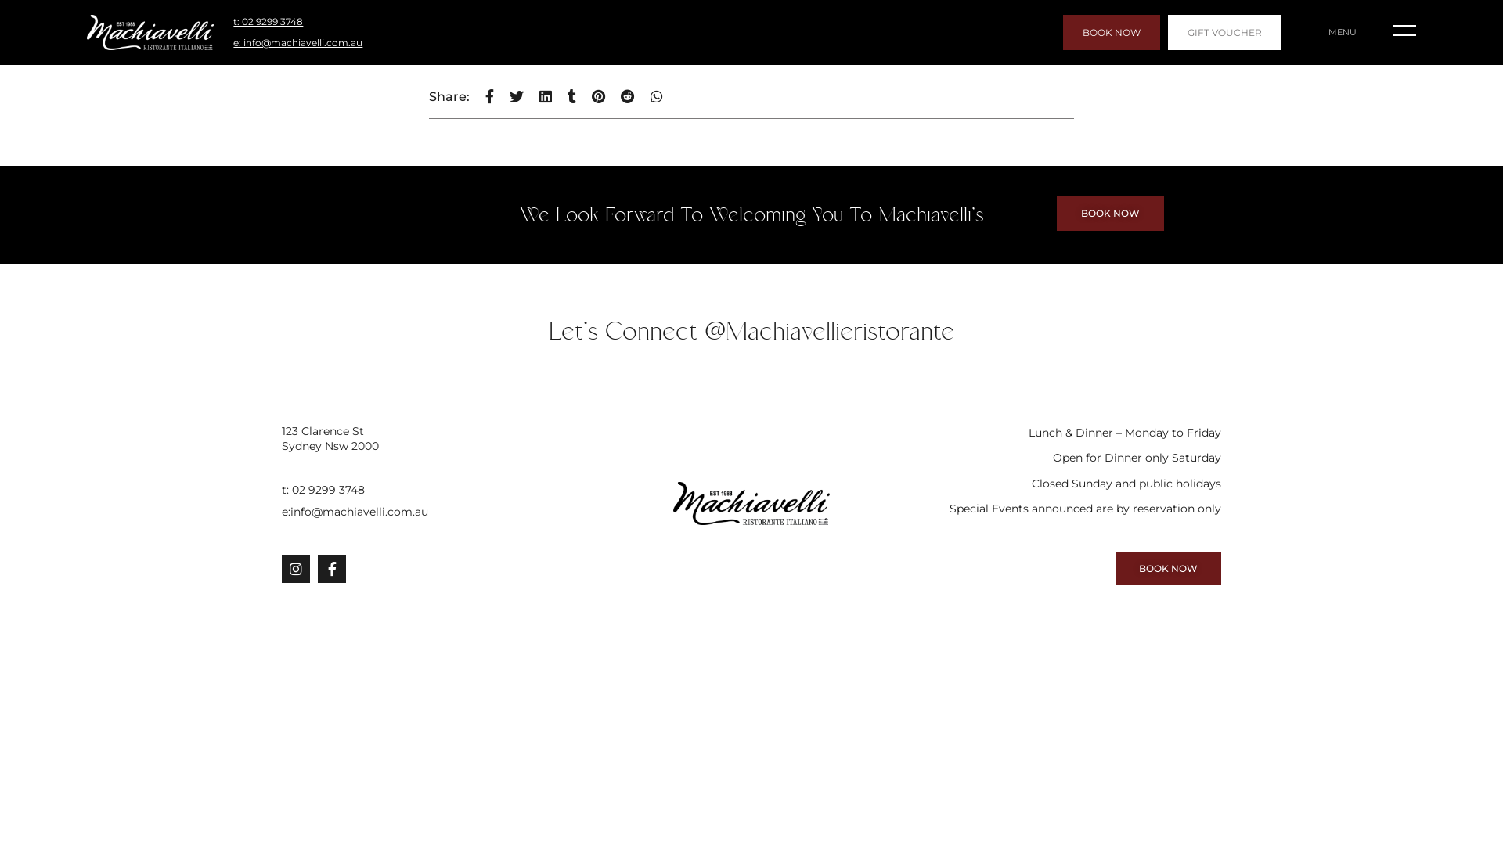 Image resolution: width=1503 pixels, height=845 pixels. What do you see at coordinates (1224, 32) in the screenshot?
I see `'GIFT VOUCHER'` at bounding box center [1224, 32].